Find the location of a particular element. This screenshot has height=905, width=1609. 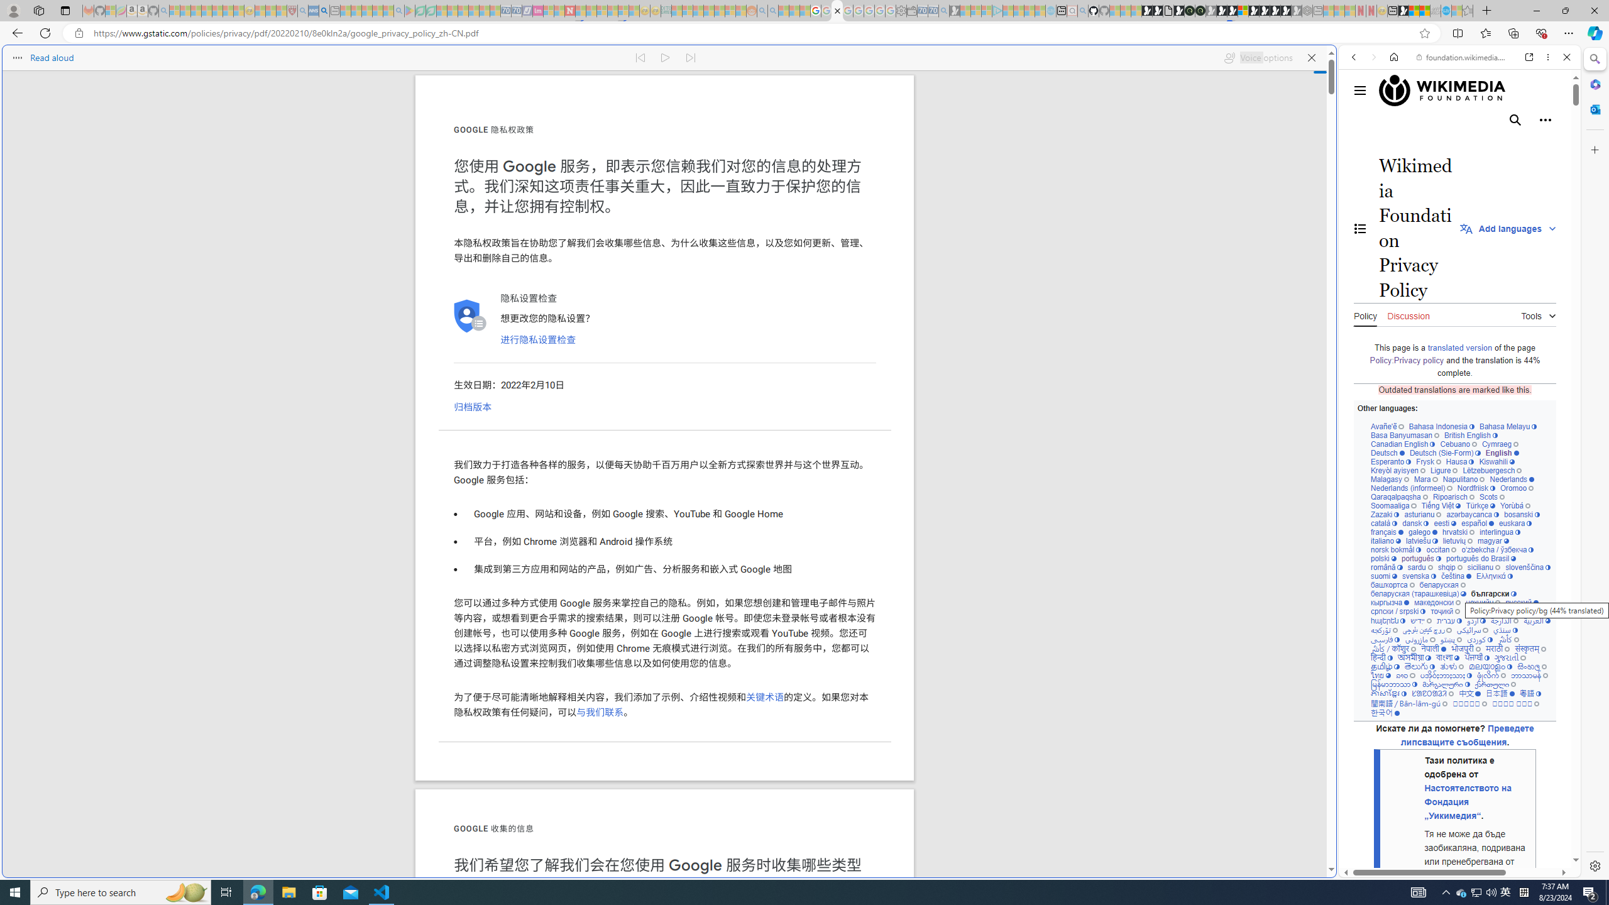

'shqip' is located at coordinates (1449, 566).